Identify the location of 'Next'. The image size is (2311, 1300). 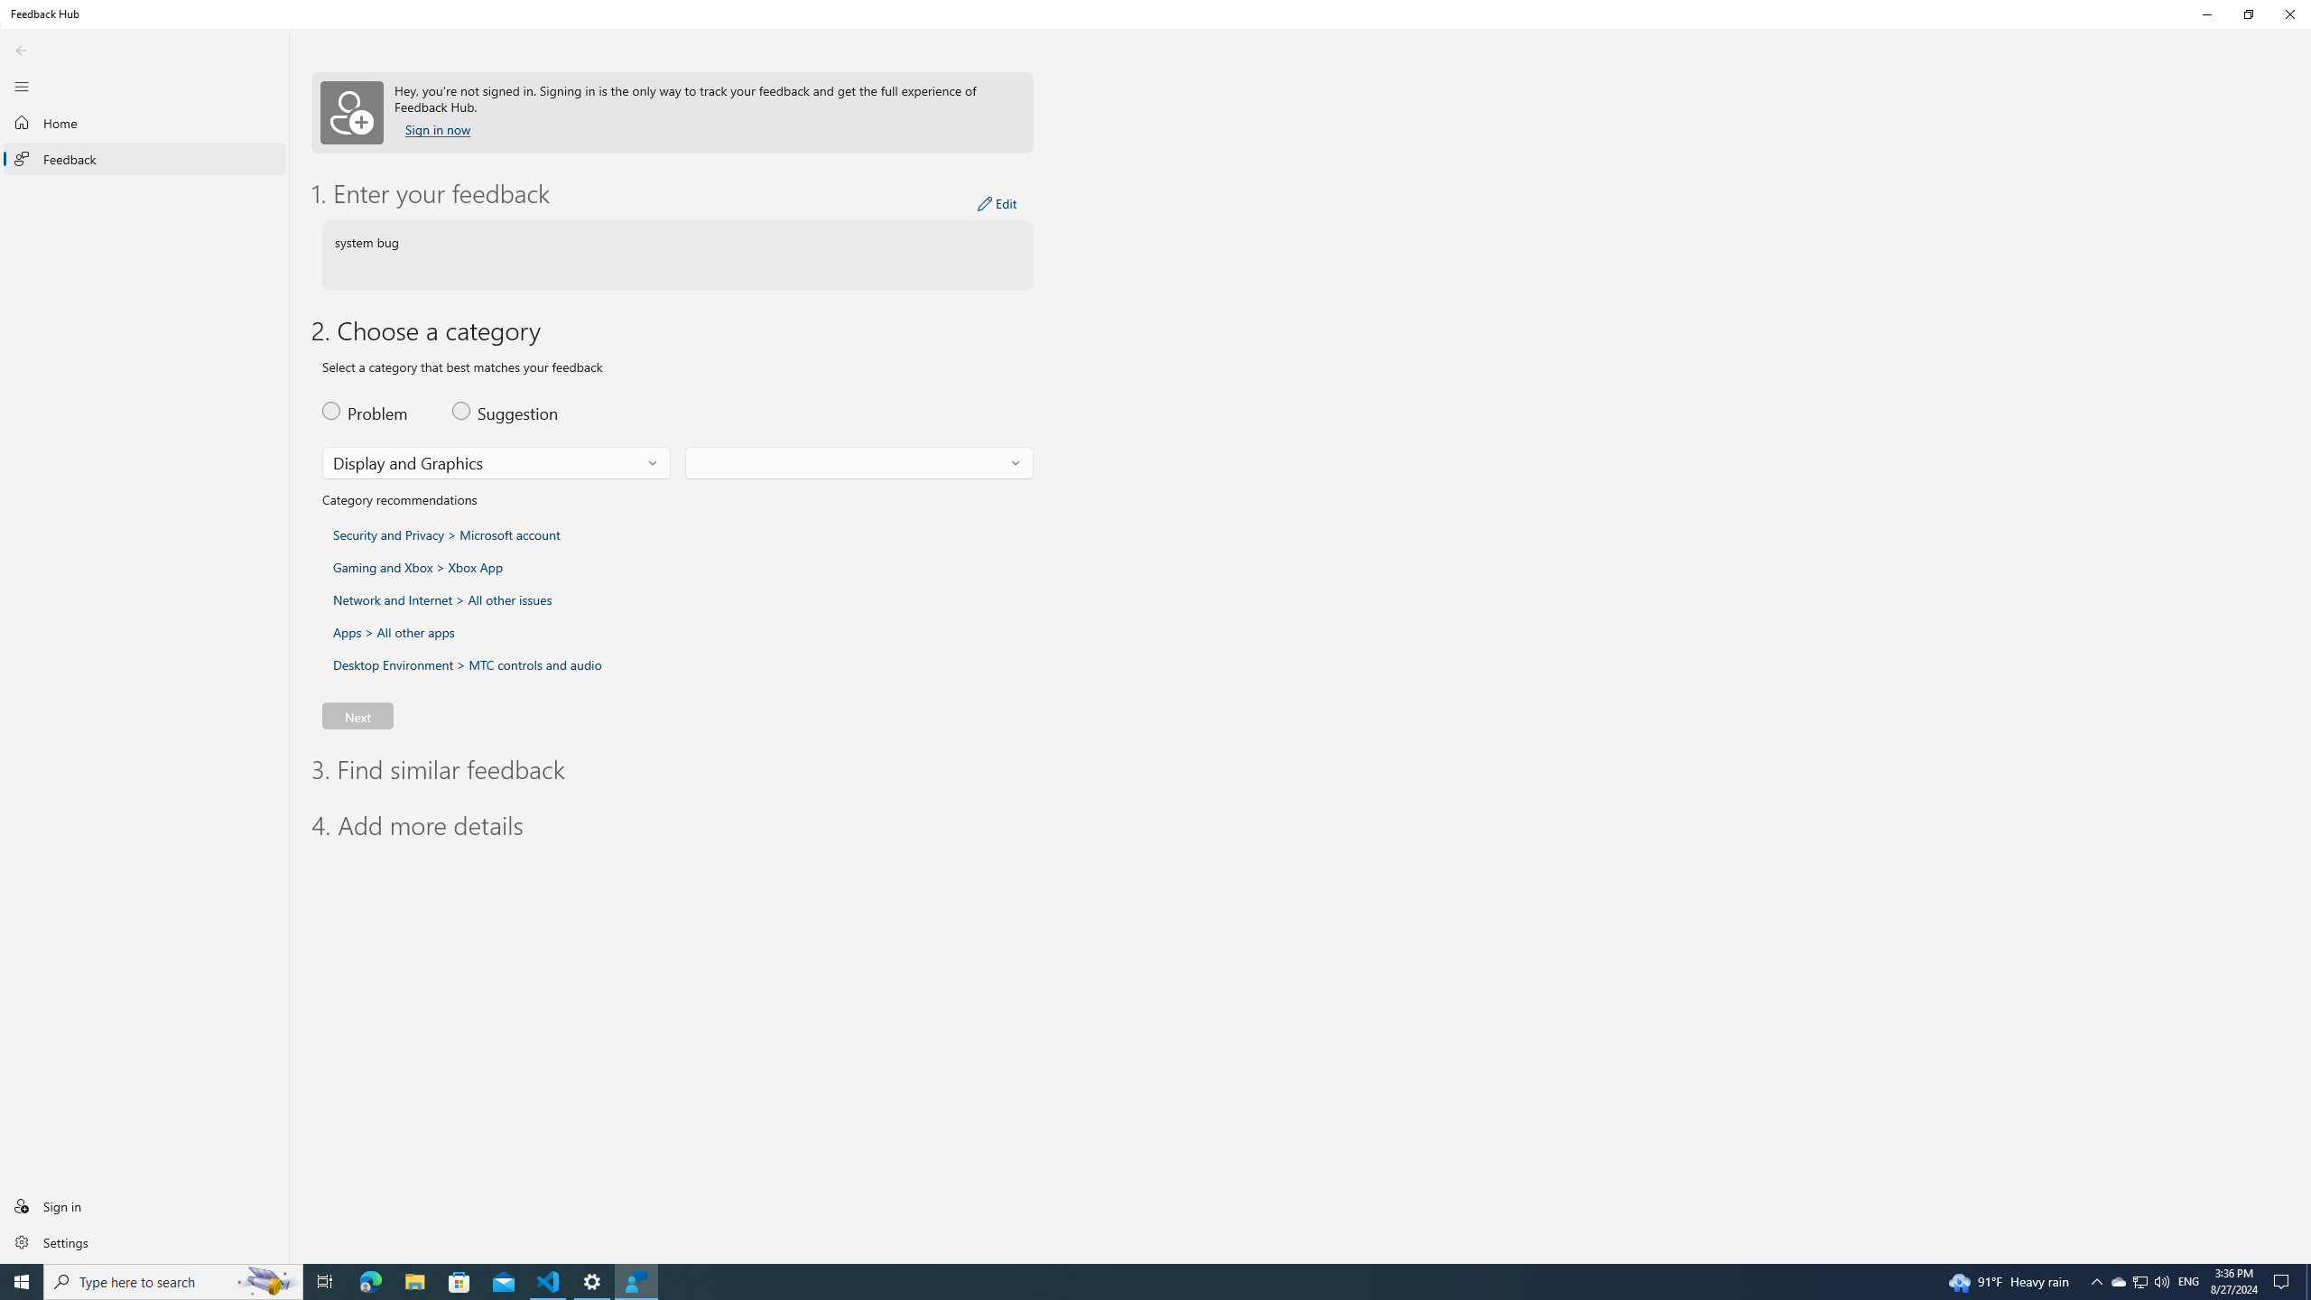
(357, 715).